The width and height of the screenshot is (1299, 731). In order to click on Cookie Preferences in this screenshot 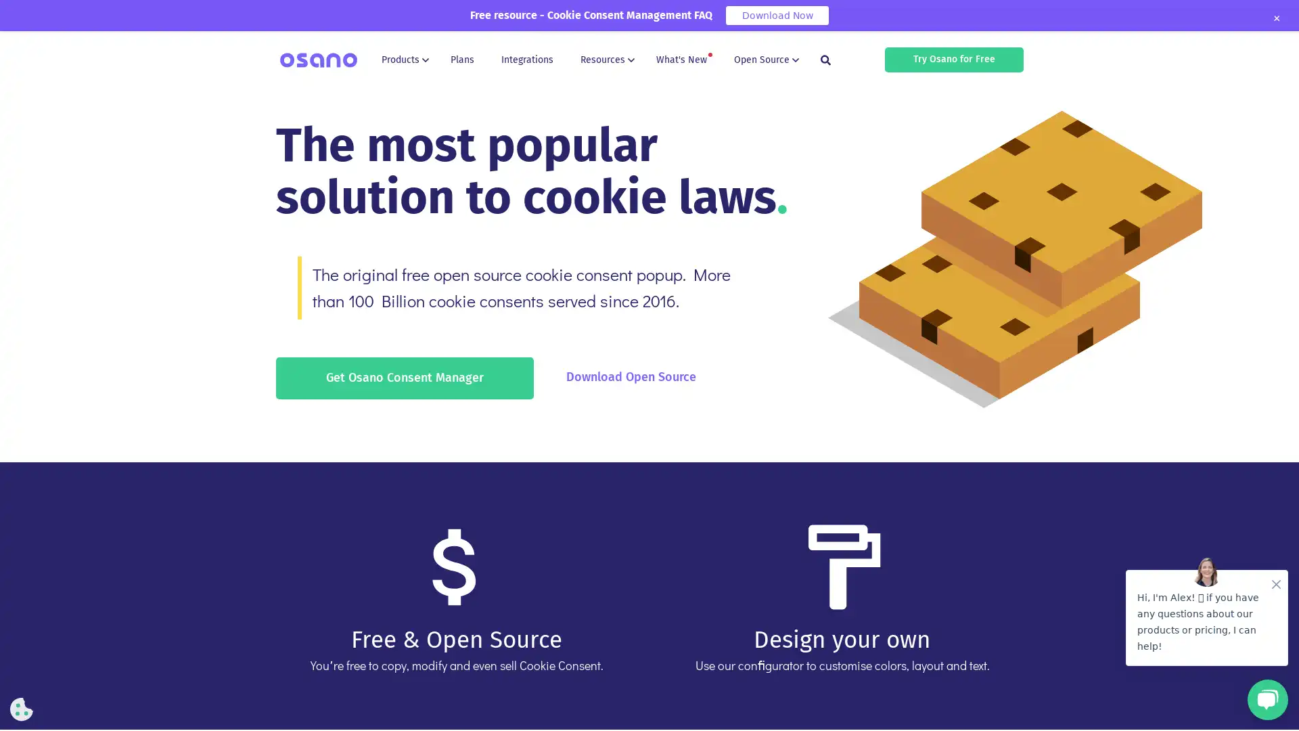, I will do `click(22, 709)`.